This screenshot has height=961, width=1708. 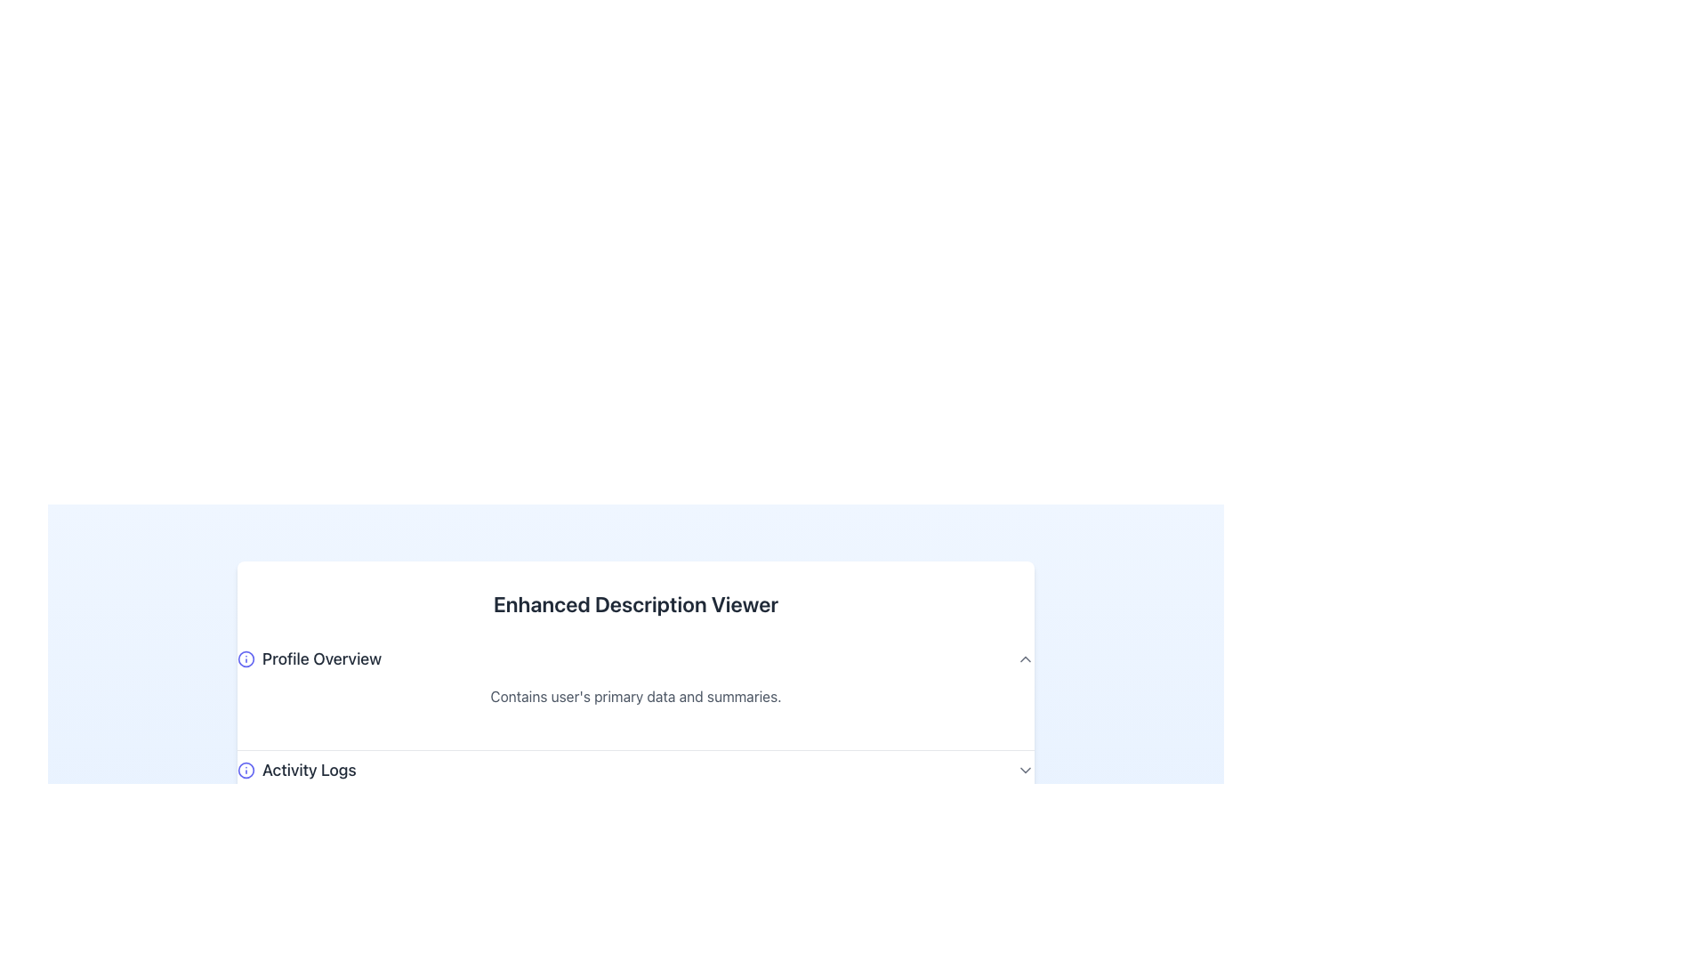 I want to click on the chevron icon located at the far right of the 'Activity Logs' section, so click(x=1025, y=770).